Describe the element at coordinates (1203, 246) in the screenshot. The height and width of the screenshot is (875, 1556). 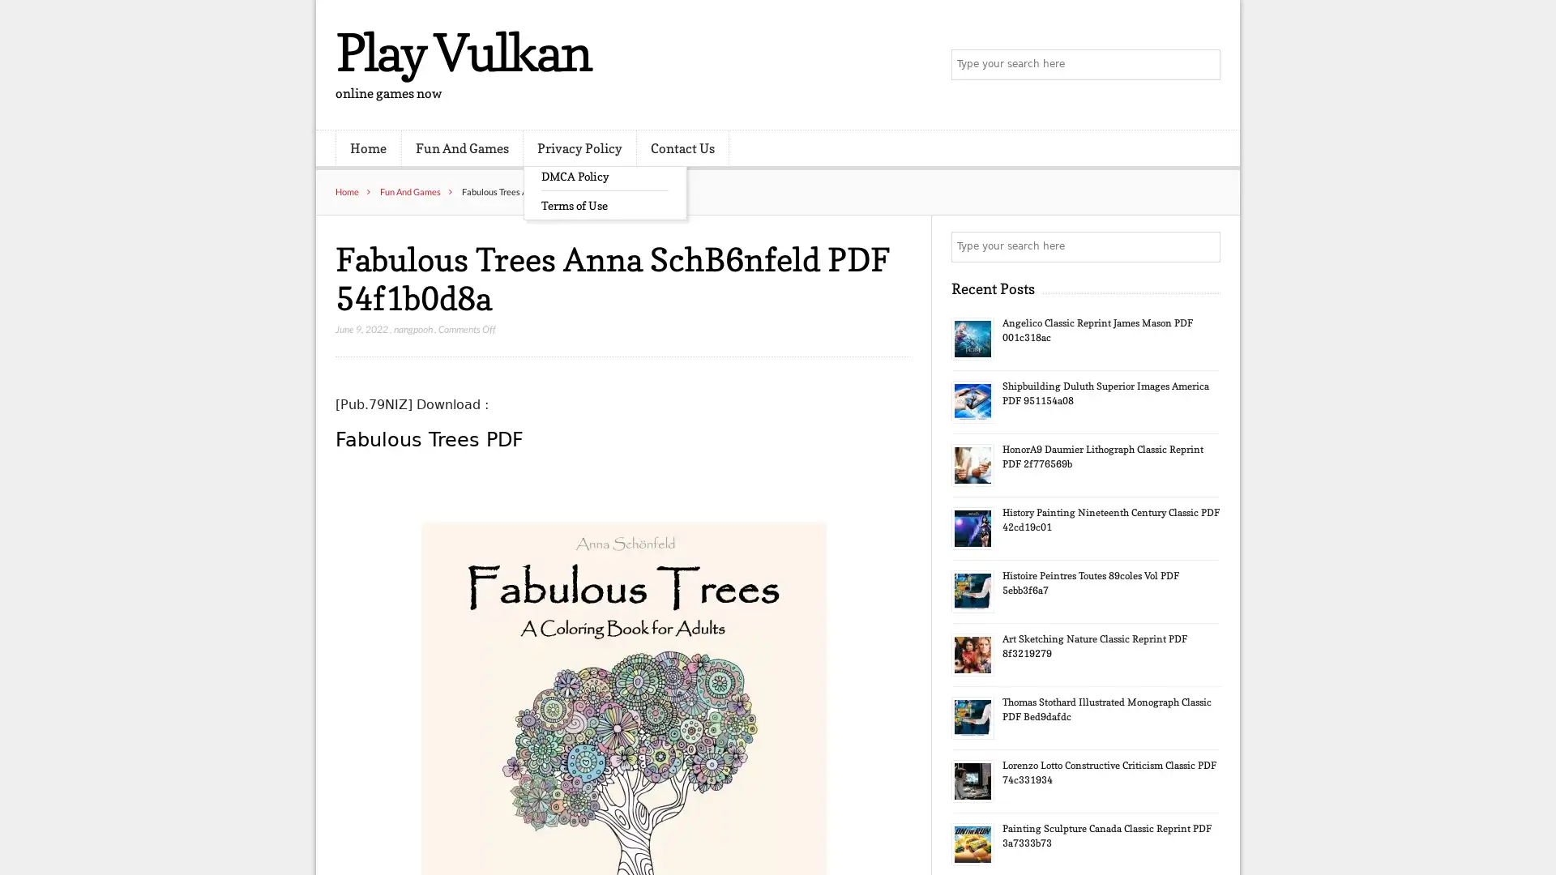
I see `Search` at that location.